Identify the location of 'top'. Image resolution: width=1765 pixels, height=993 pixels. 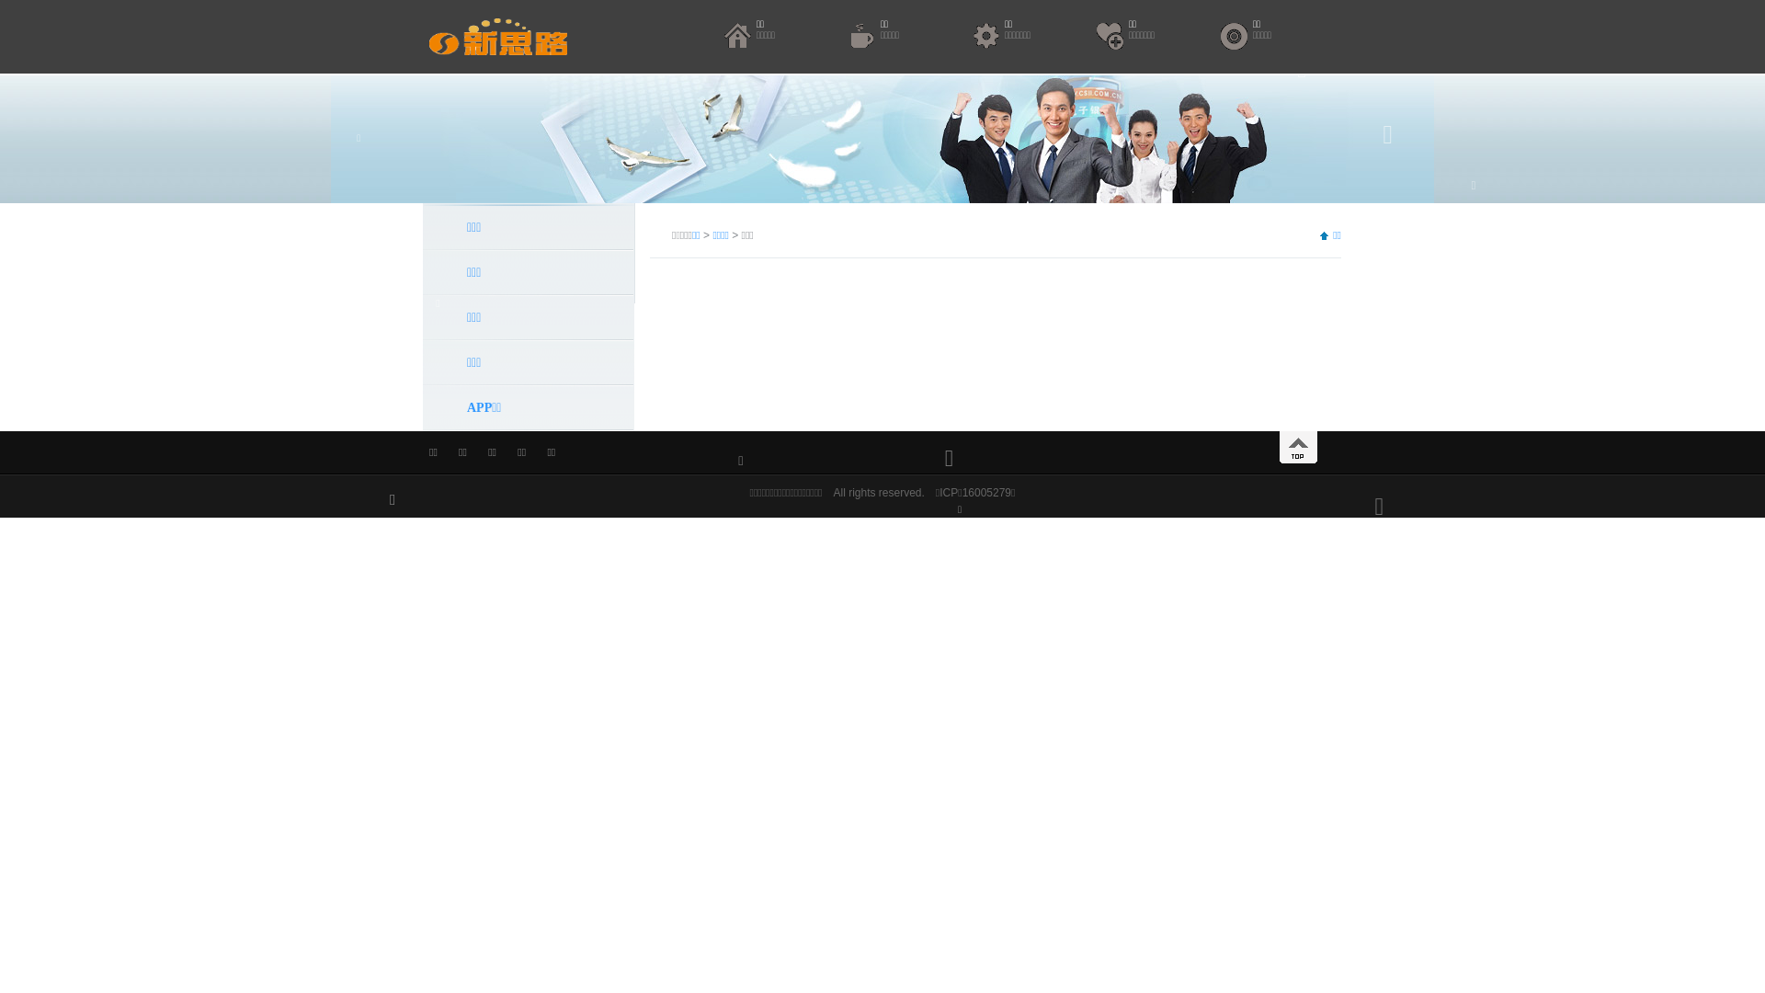
(1297, 447).